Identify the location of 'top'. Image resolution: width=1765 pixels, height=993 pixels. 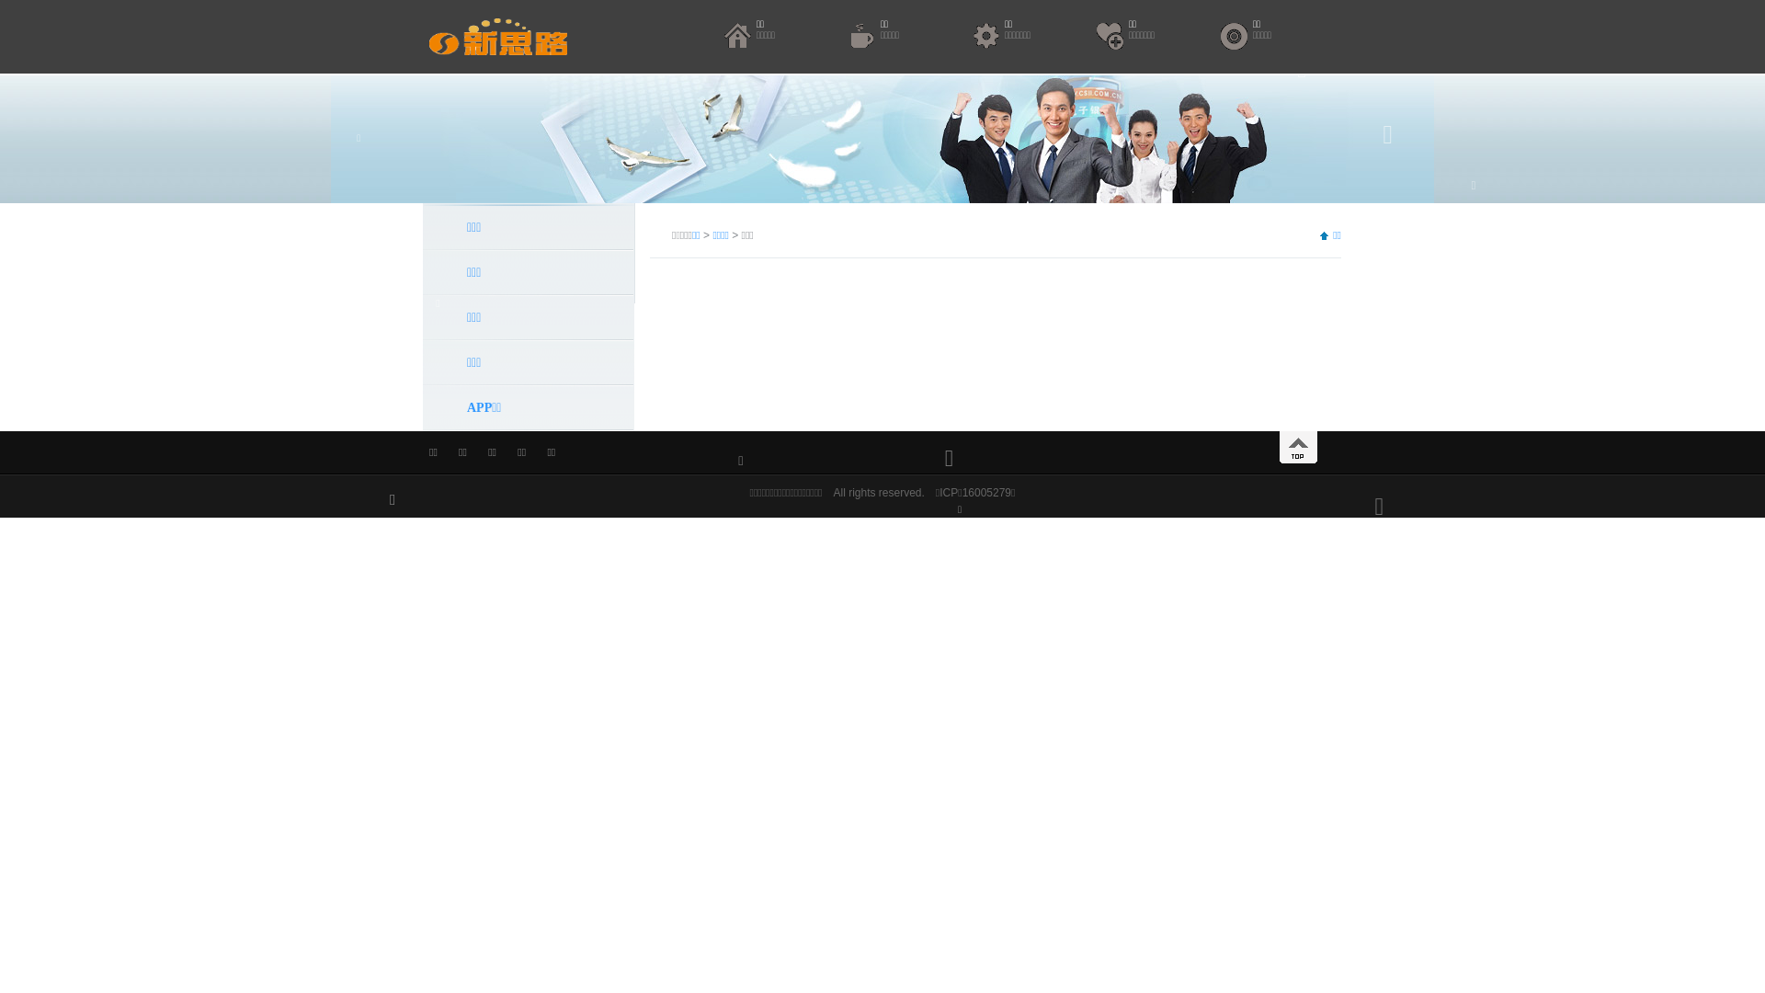
(1297, 447).